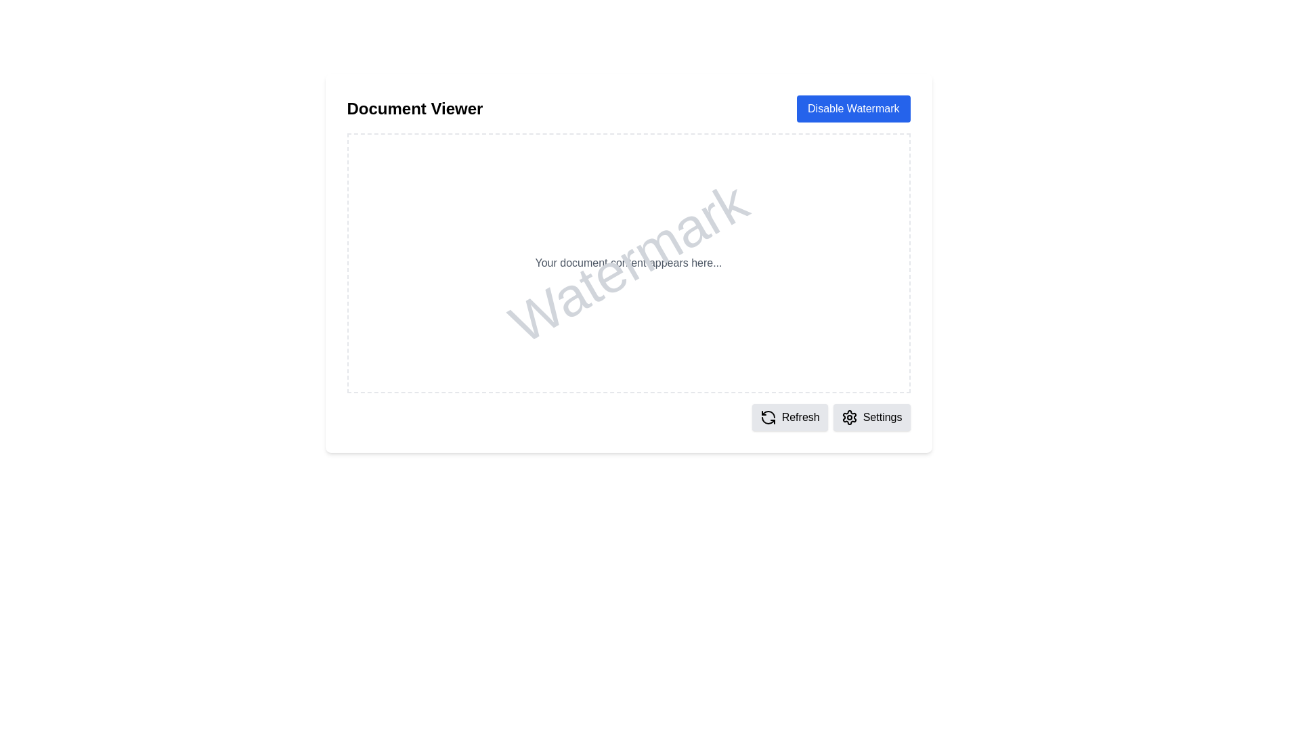 This screenshot has height=731, width=1300. I want to click on the curved line forming a partial arc resembling the first part of a circular arrow in the refresh icon, so click(768, 414).